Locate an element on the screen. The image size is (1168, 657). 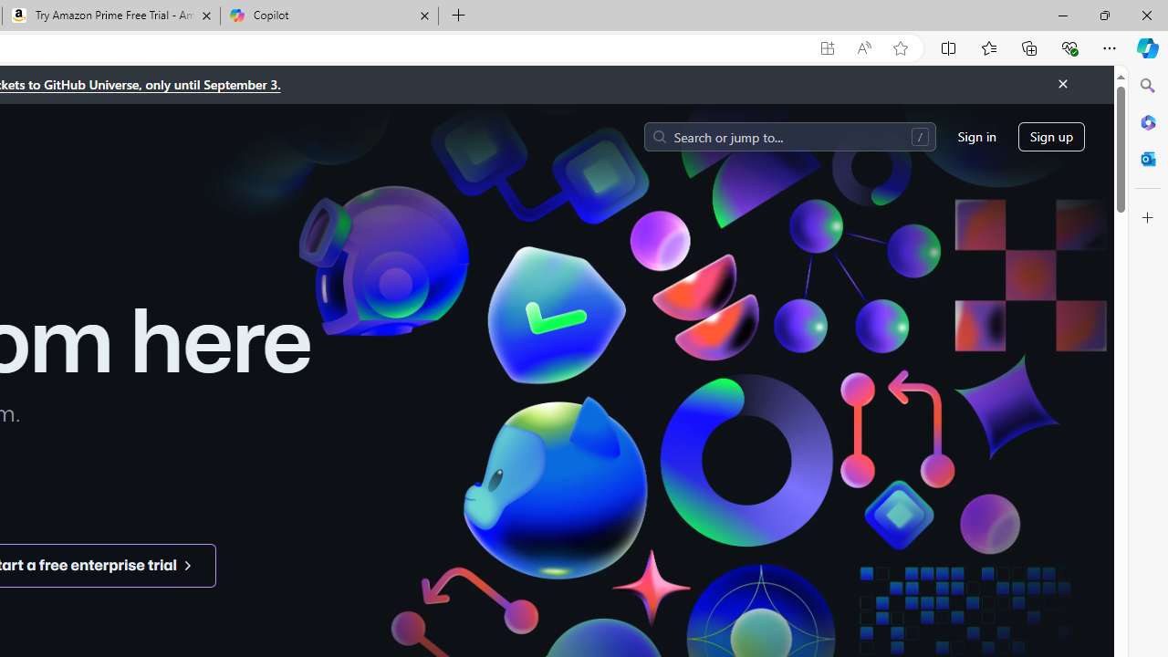
'Collections' is located at coordinates (1029, 47).